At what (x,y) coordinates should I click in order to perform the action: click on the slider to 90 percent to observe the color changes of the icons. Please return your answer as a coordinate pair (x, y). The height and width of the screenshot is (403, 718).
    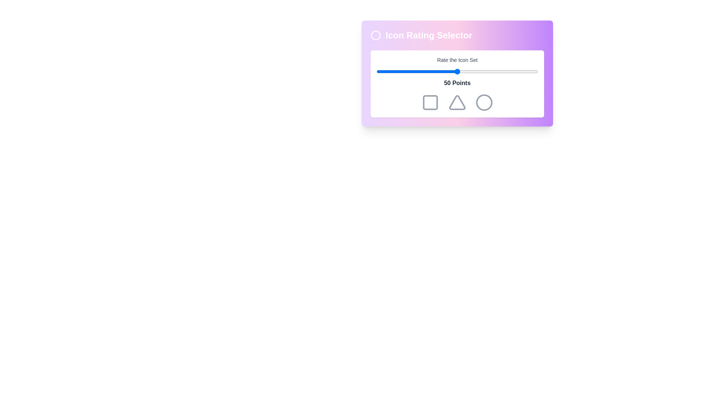
    Looking at the image, I should click on (521, 72).